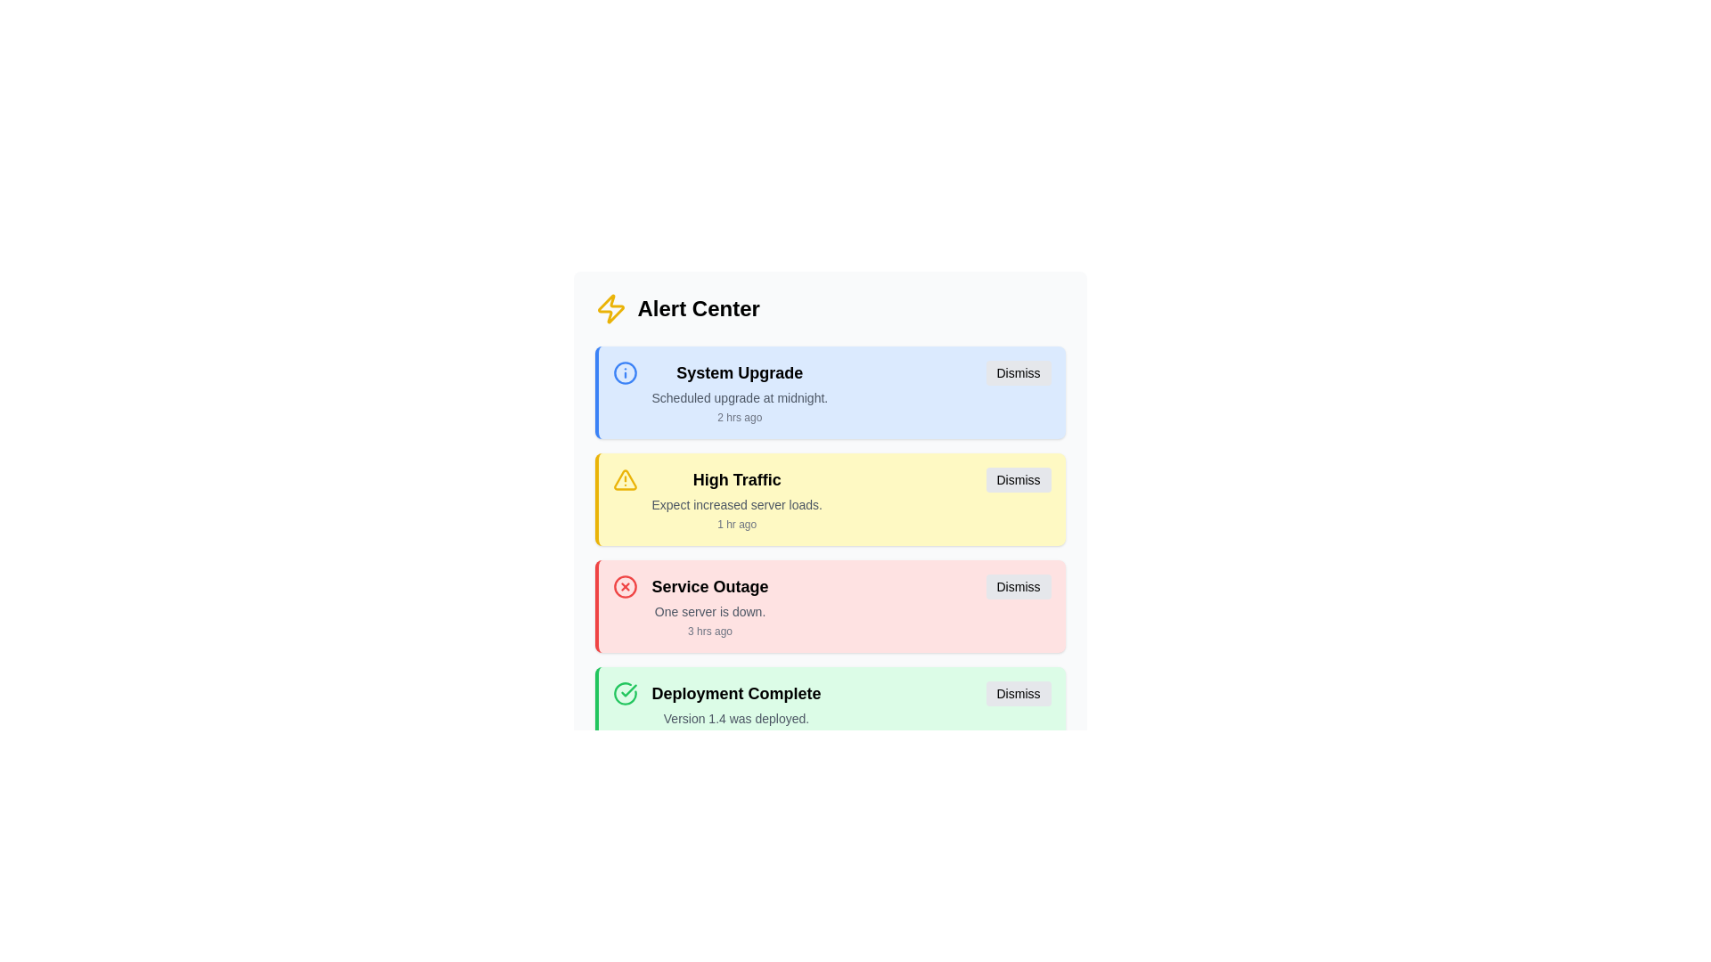  What do you see at coordinates (736, 693) in the screenshot?
I see `the Text Display stating 'Deployment Complete'` at bounding box center [736, 693].